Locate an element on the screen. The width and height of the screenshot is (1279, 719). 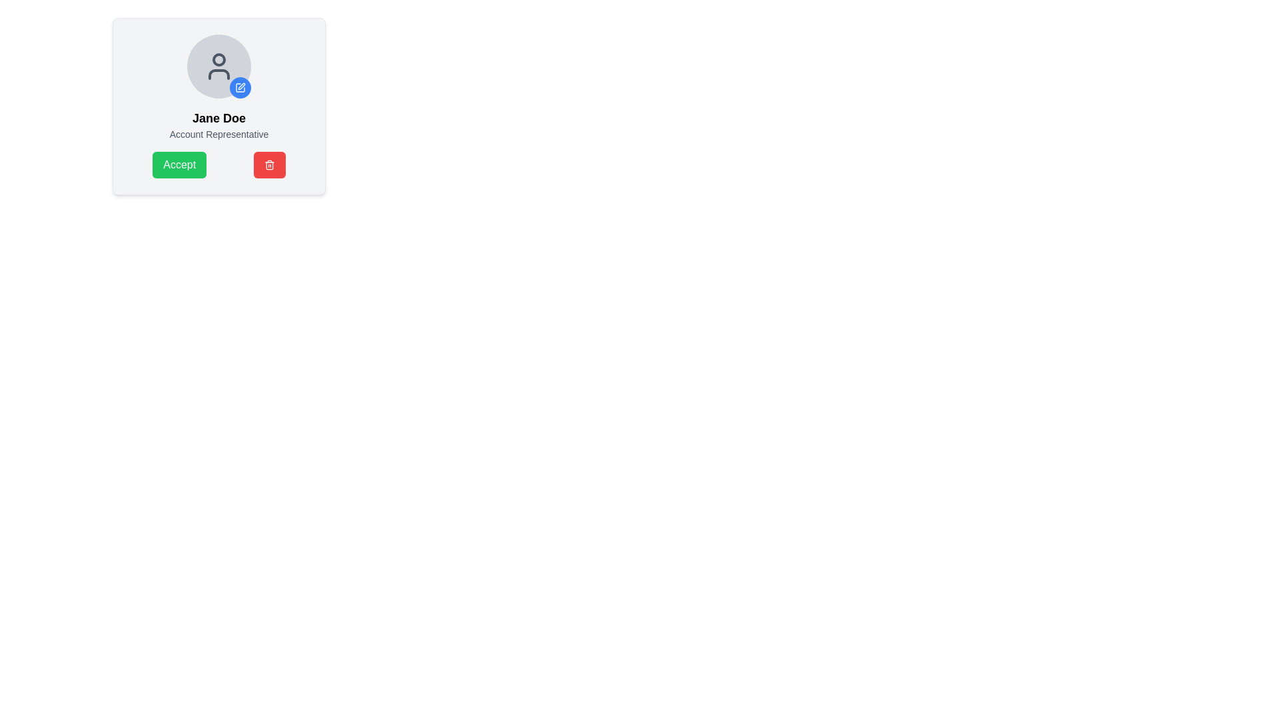
the affirmative action button located at the bottom of the user details card is located at coordinates (179, 164).